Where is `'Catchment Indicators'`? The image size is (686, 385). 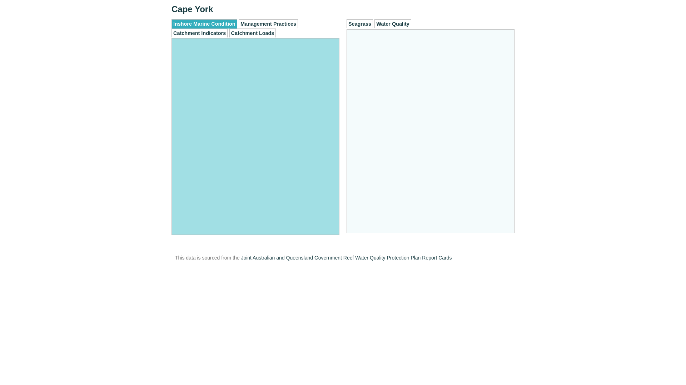 'Catchment Indicators' is located at coordinates (199, 33).